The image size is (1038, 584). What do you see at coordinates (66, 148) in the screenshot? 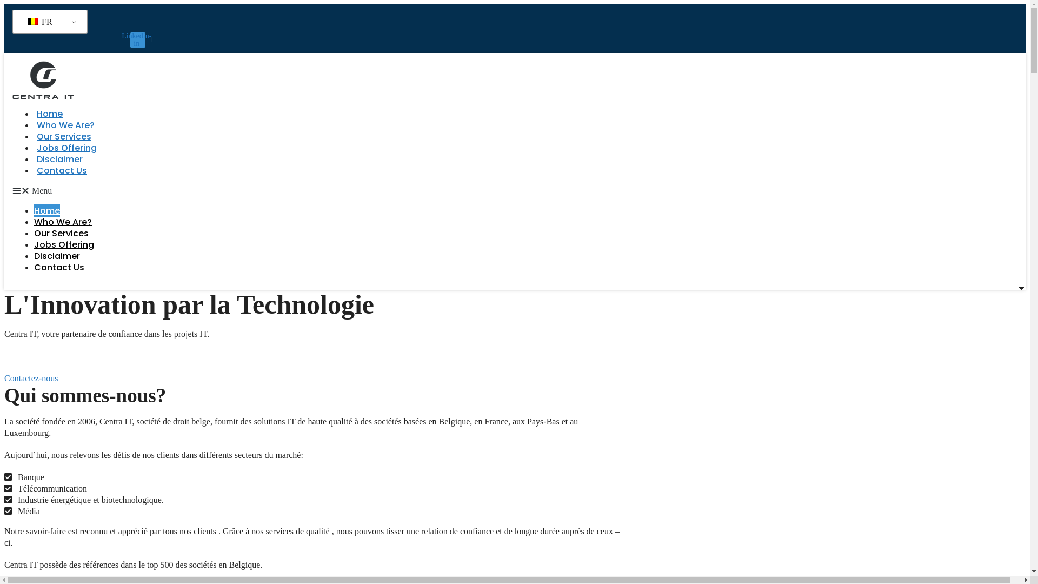
I see `'Jobs Offering'` at bounding box center [66, 148].